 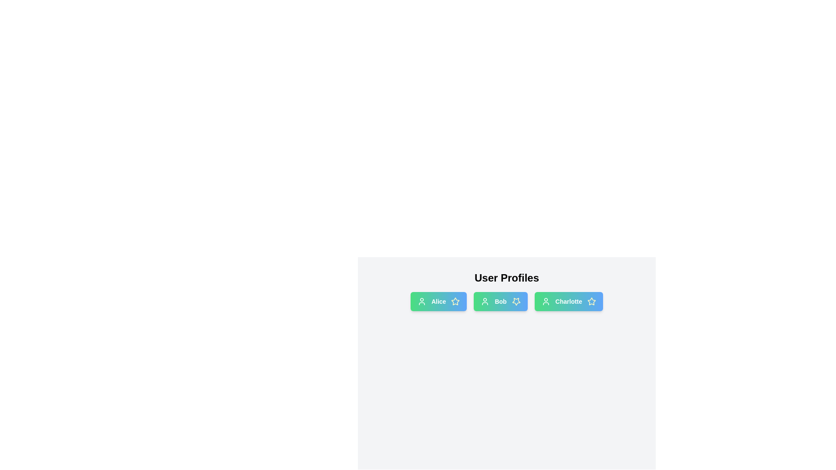 What do you see at coordinates (516, 301) in the screenshot?
I see `the star icon for Bob` at bounding box center [516, 301].